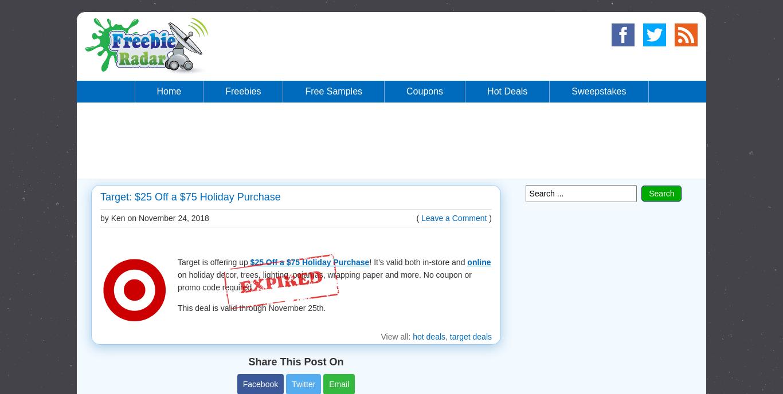 The image size is (783, 394). I want to click on 'by Ken on', so click(119, 216).